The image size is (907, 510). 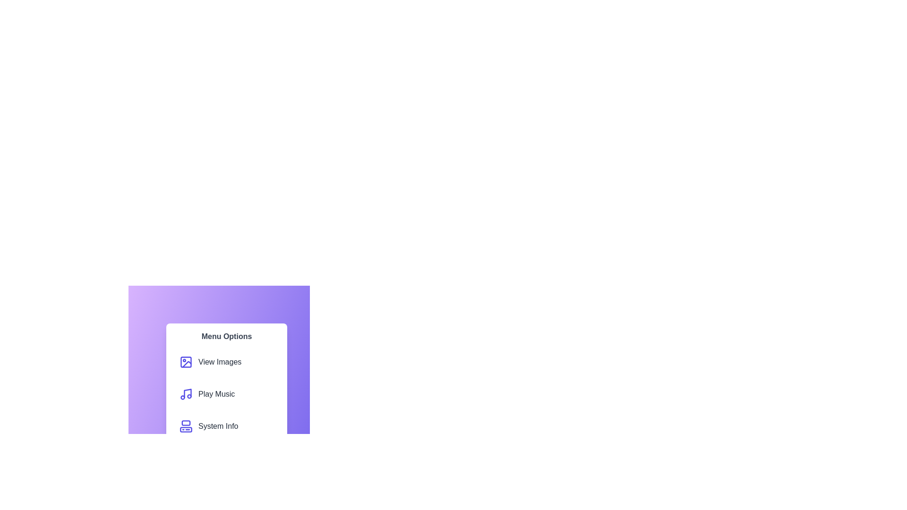 I want to click on the menu item labeled System Info, so click(x=227, y=426).